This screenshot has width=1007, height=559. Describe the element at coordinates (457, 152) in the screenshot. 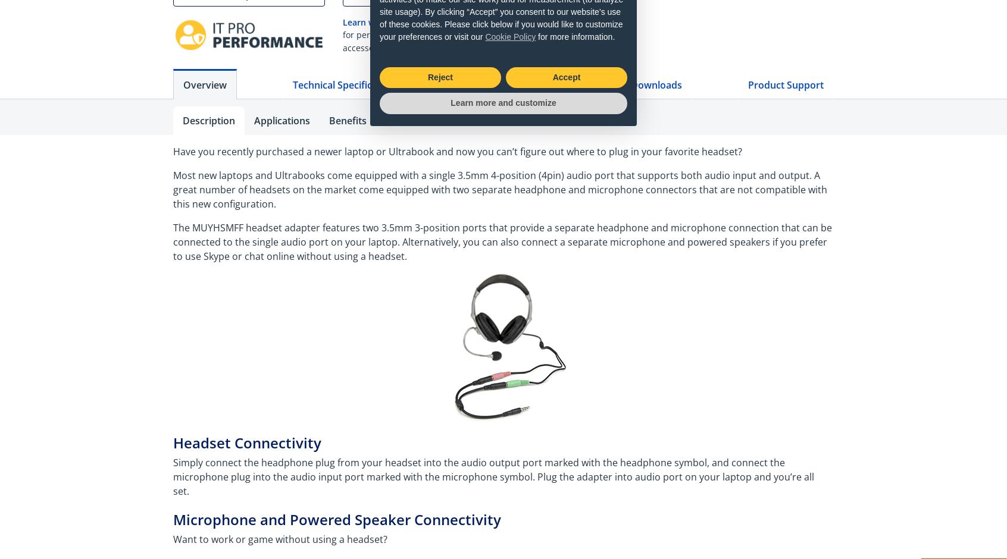

I see `'Have you recently purchased a newer laptop or Ultrabook and now you can’t figure out where to plug in your favorite headset?'` at that location.